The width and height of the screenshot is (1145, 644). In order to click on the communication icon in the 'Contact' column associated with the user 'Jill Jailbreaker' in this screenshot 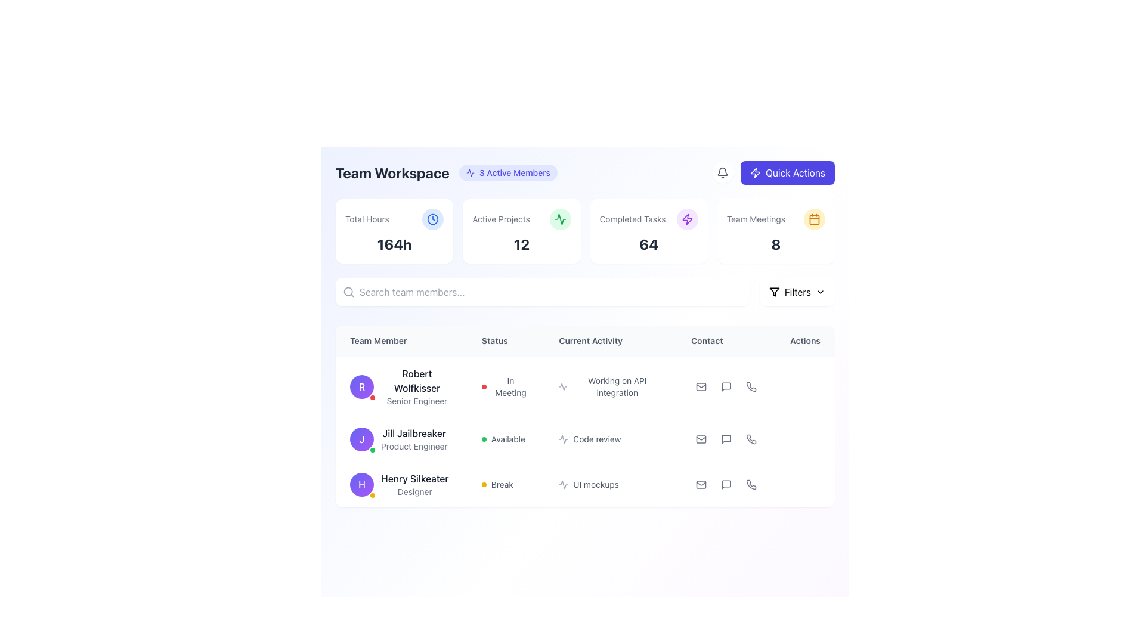, I will do `click(726, 439)`.